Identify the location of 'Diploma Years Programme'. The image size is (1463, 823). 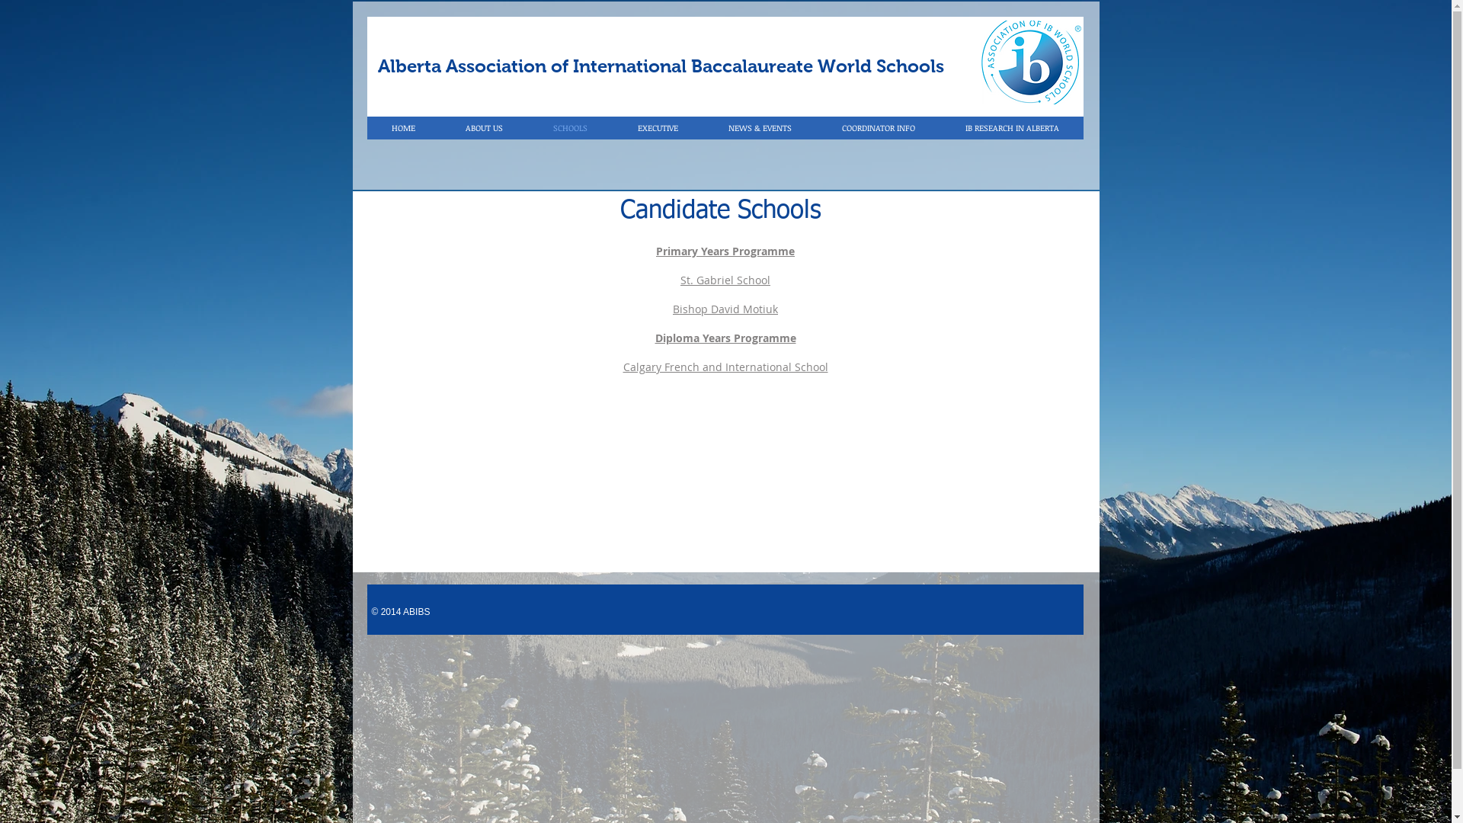
(655, 337).